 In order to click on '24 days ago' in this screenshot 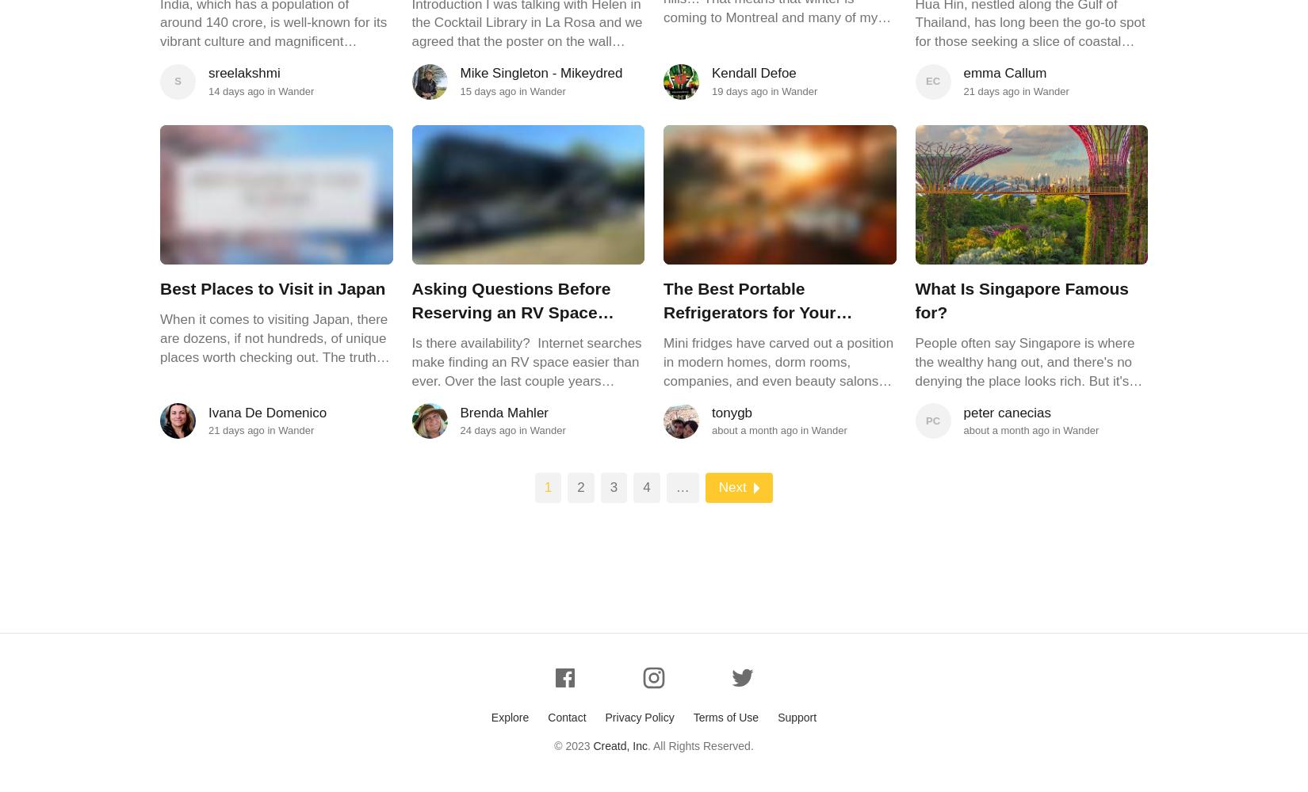, I will do `click(487, 430)`.